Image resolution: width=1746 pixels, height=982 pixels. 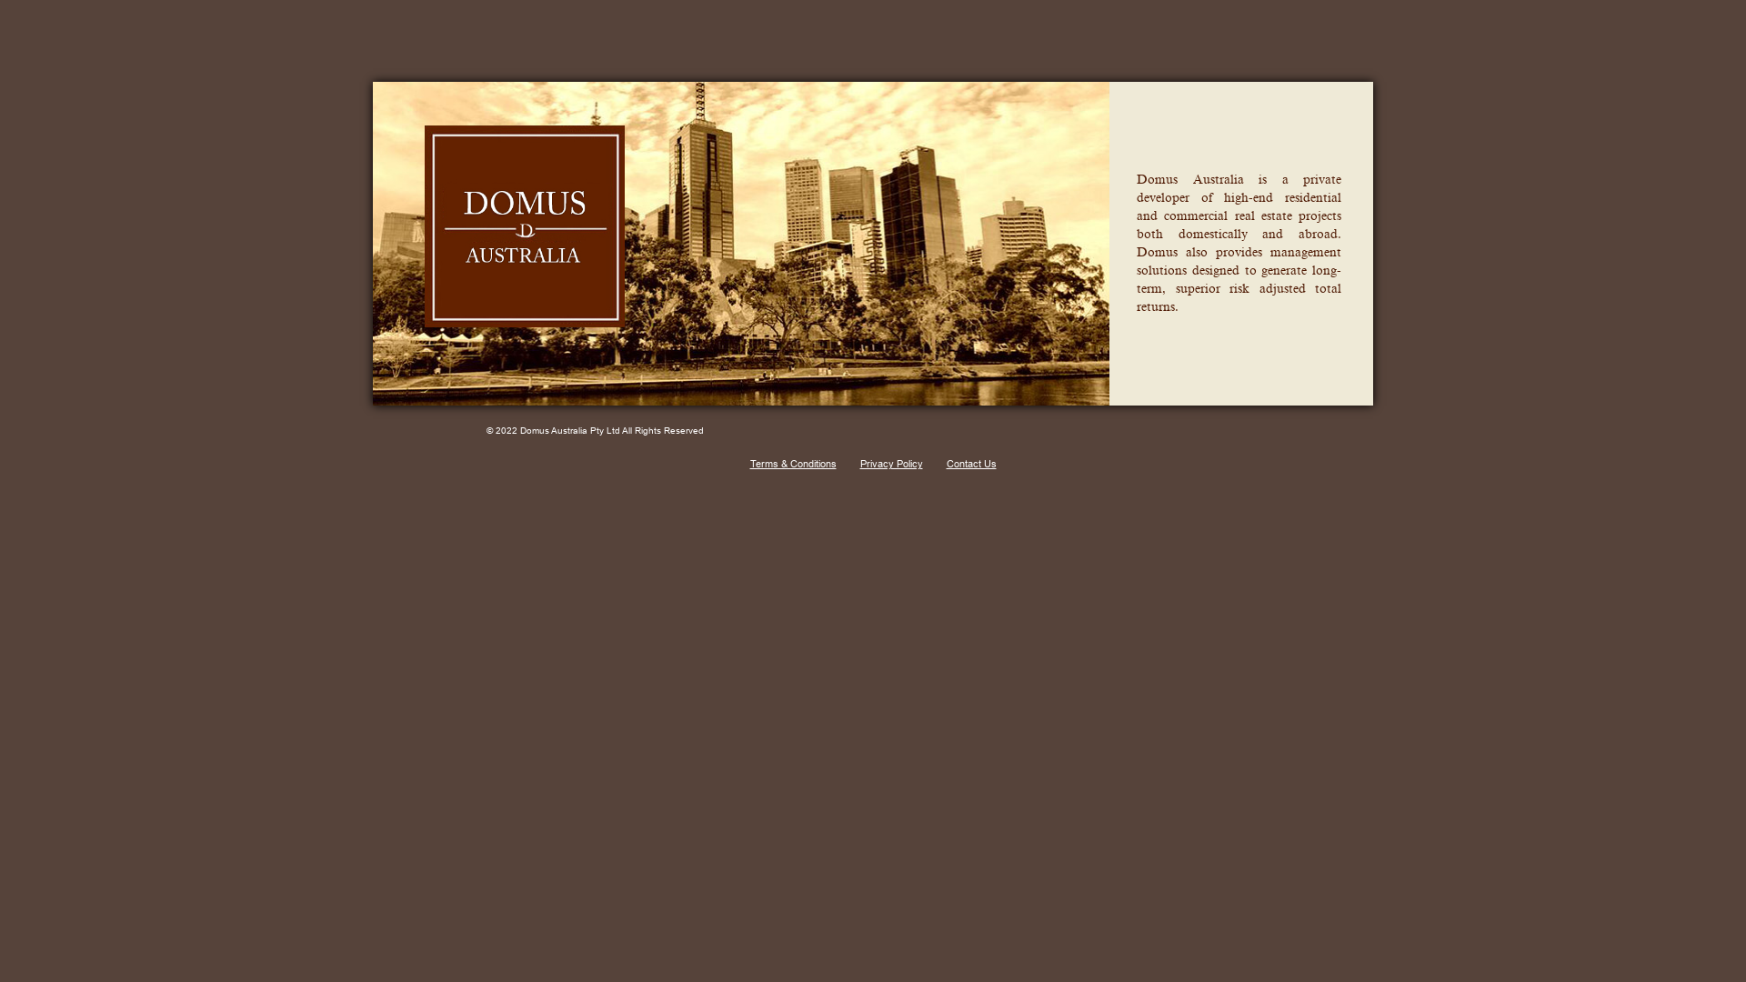 I want to click on 'Terms & Conditions', so click(x=792, y=462).